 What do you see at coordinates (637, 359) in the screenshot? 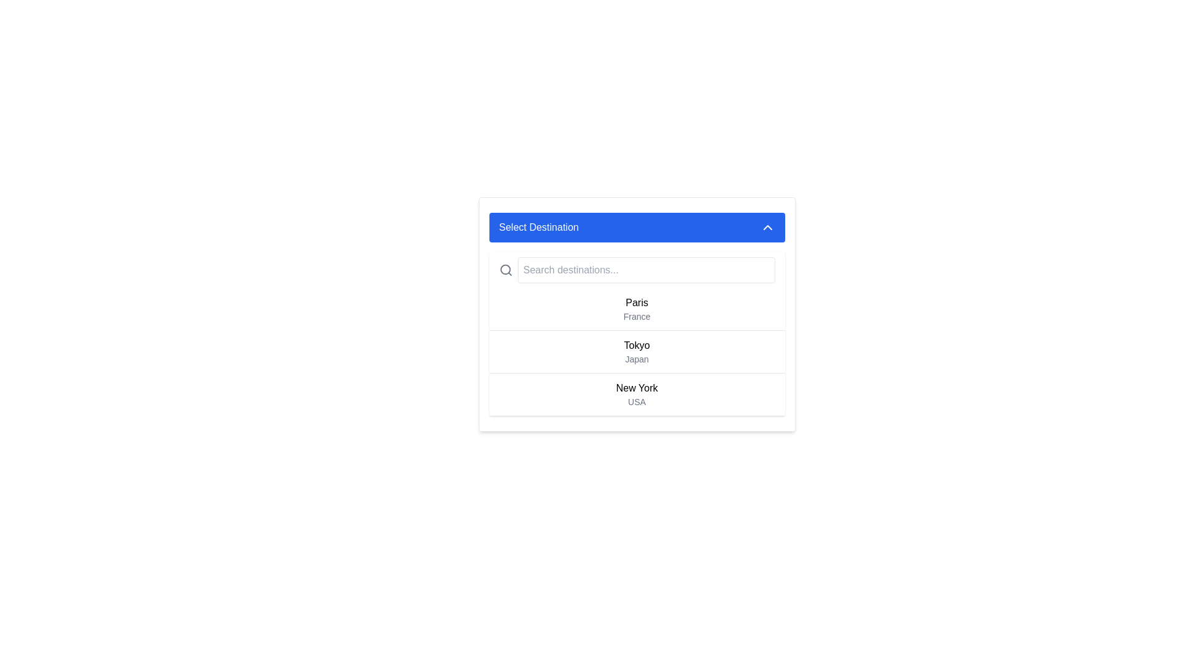
I see `the static label displaying country information located below the 'Tokyo' text in the dropdown list` at bounding box center [637, 359].